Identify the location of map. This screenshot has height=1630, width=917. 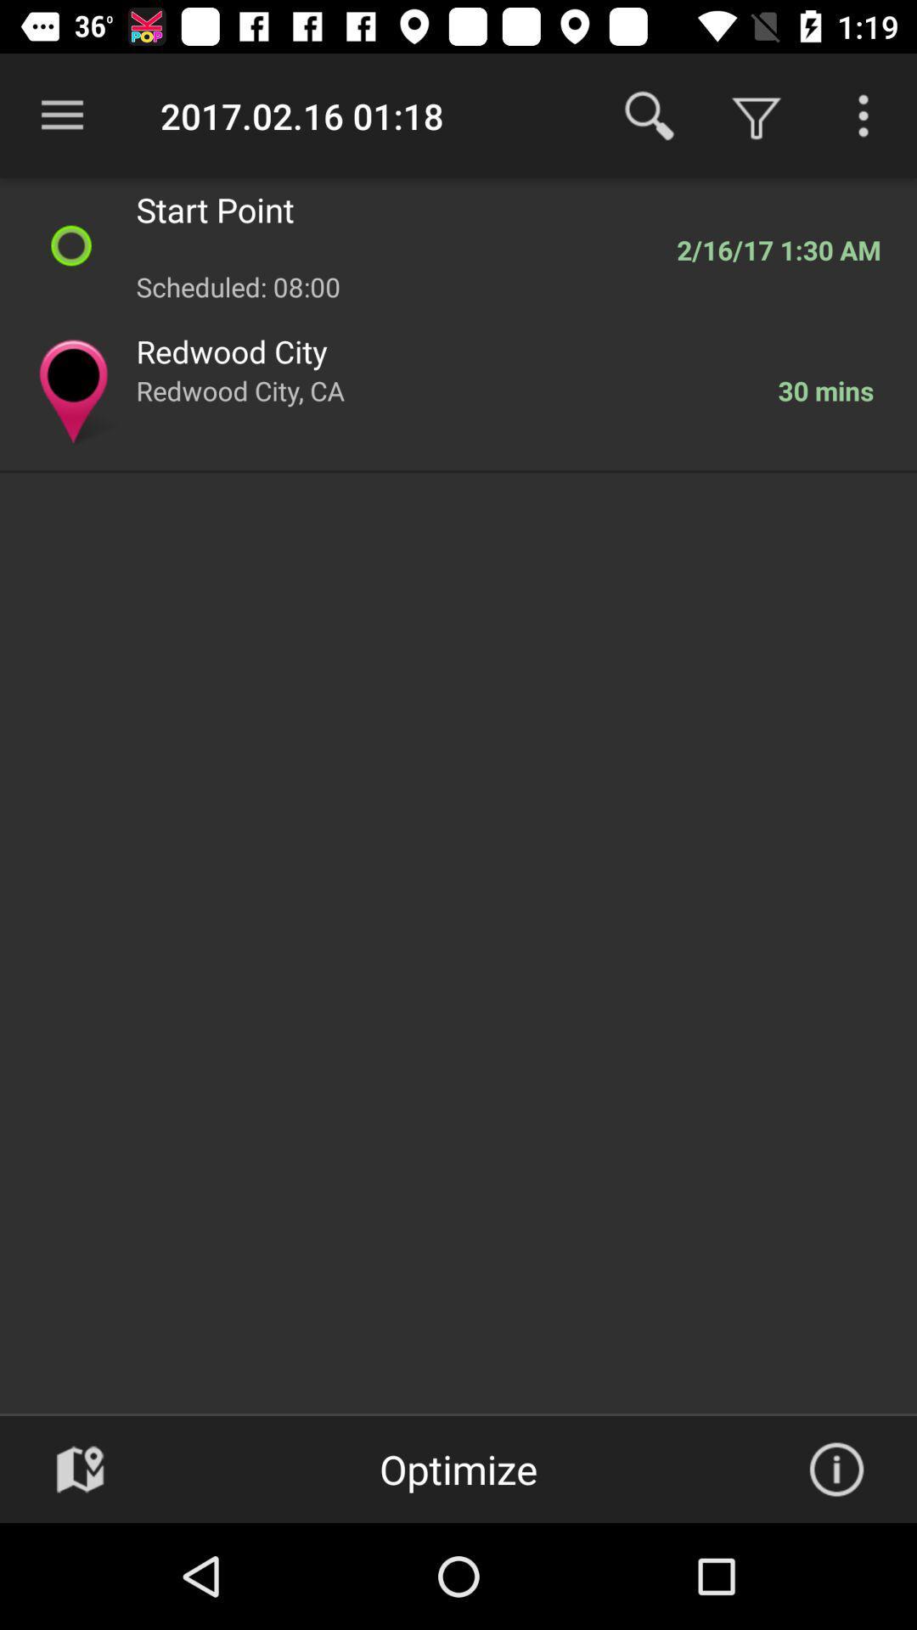
(80, 1469).